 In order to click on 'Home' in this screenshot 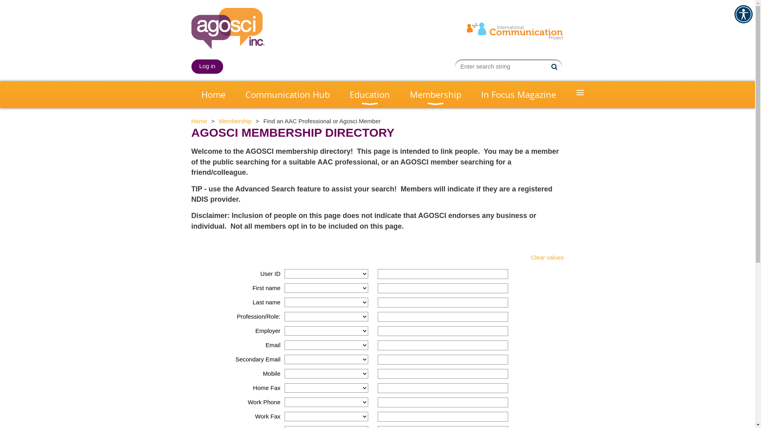, I will do `click(199, 121)`.